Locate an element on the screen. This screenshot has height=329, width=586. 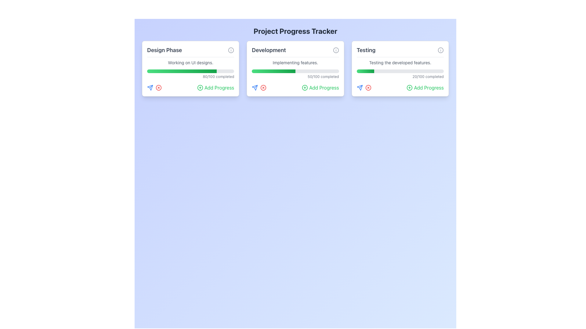
the Progress Bar indicating 20% completion of the 'Testing' task located within the Project Progress Tracker is located at coordinates (400, 71).